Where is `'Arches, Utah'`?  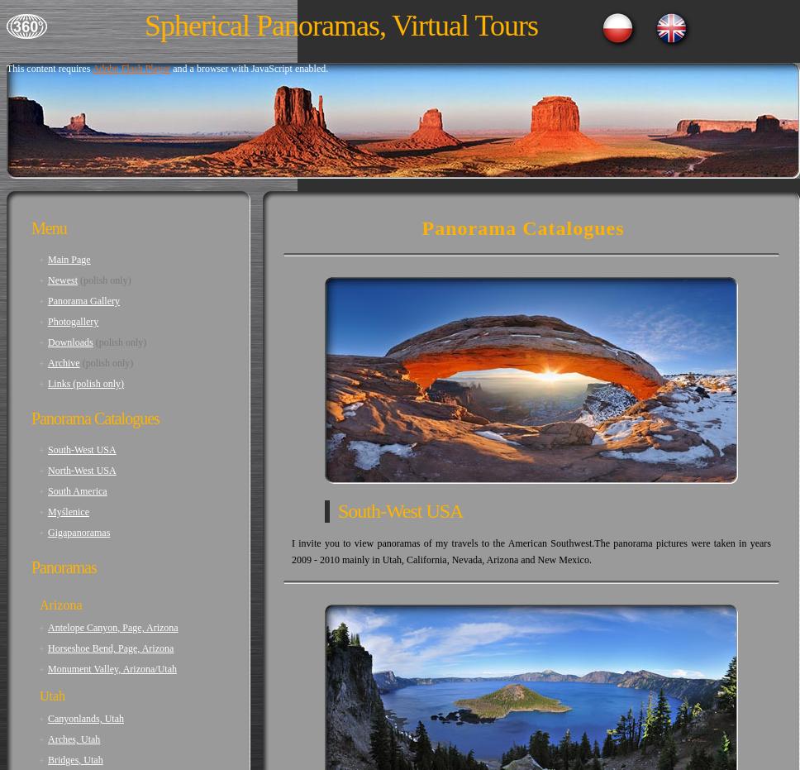 'Arches, Utah' is located at coordinates (74, 739).